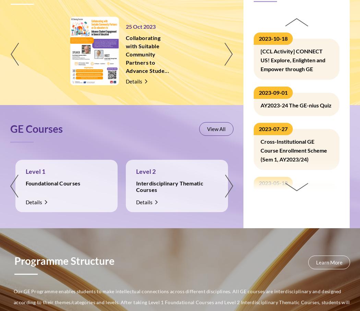  What do you see at coordinates (344, 26) in the screenshot?
I see `'30 May 2023'` at bounding box center [344, 26].